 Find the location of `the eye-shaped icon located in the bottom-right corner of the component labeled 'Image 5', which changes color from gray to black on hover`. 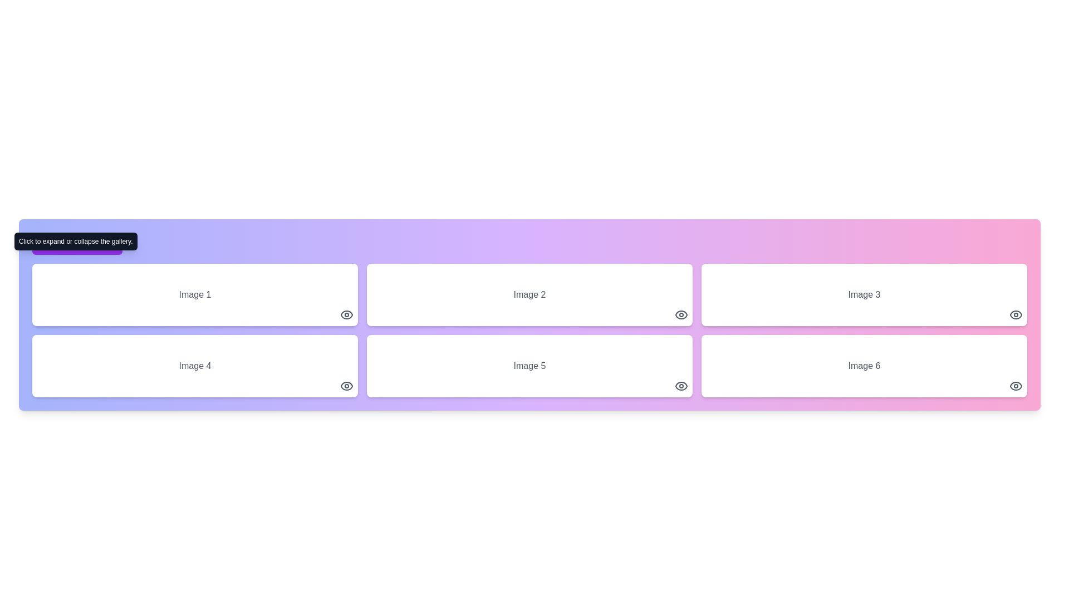

the eye-shaped icon located in the bottom-right corner of the component labeled 'Image 5', which changes color from gray to black on hover is located at coordinates (681, 386).